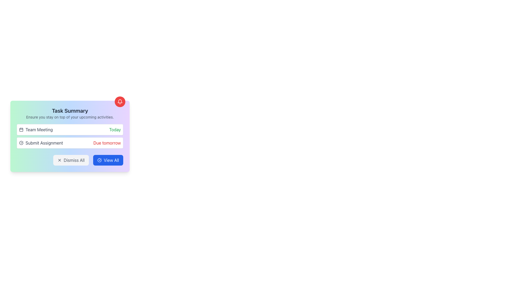 This screenshot has width=511, height=287. What do you see at coordinates (59, 160) in the screenshot?
I see `the dismiss icon located to the left of the 'Dismiss All' button at the bottom left of the task summary card to interact with its containing button` at bounding box center [59, 160].